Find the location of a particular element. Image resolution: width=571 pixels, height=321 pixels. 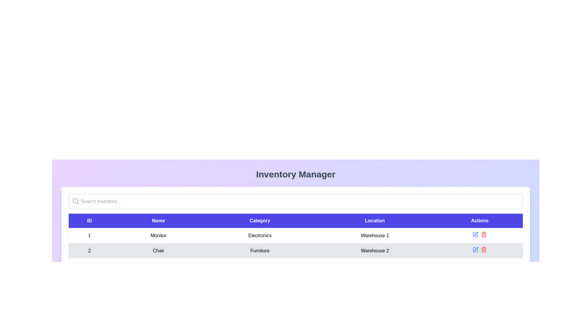

the blue pencil icon button located in the last column under the 'Actions' header of the table for 'Warehouse 1' is located at coordinates (475, 234).